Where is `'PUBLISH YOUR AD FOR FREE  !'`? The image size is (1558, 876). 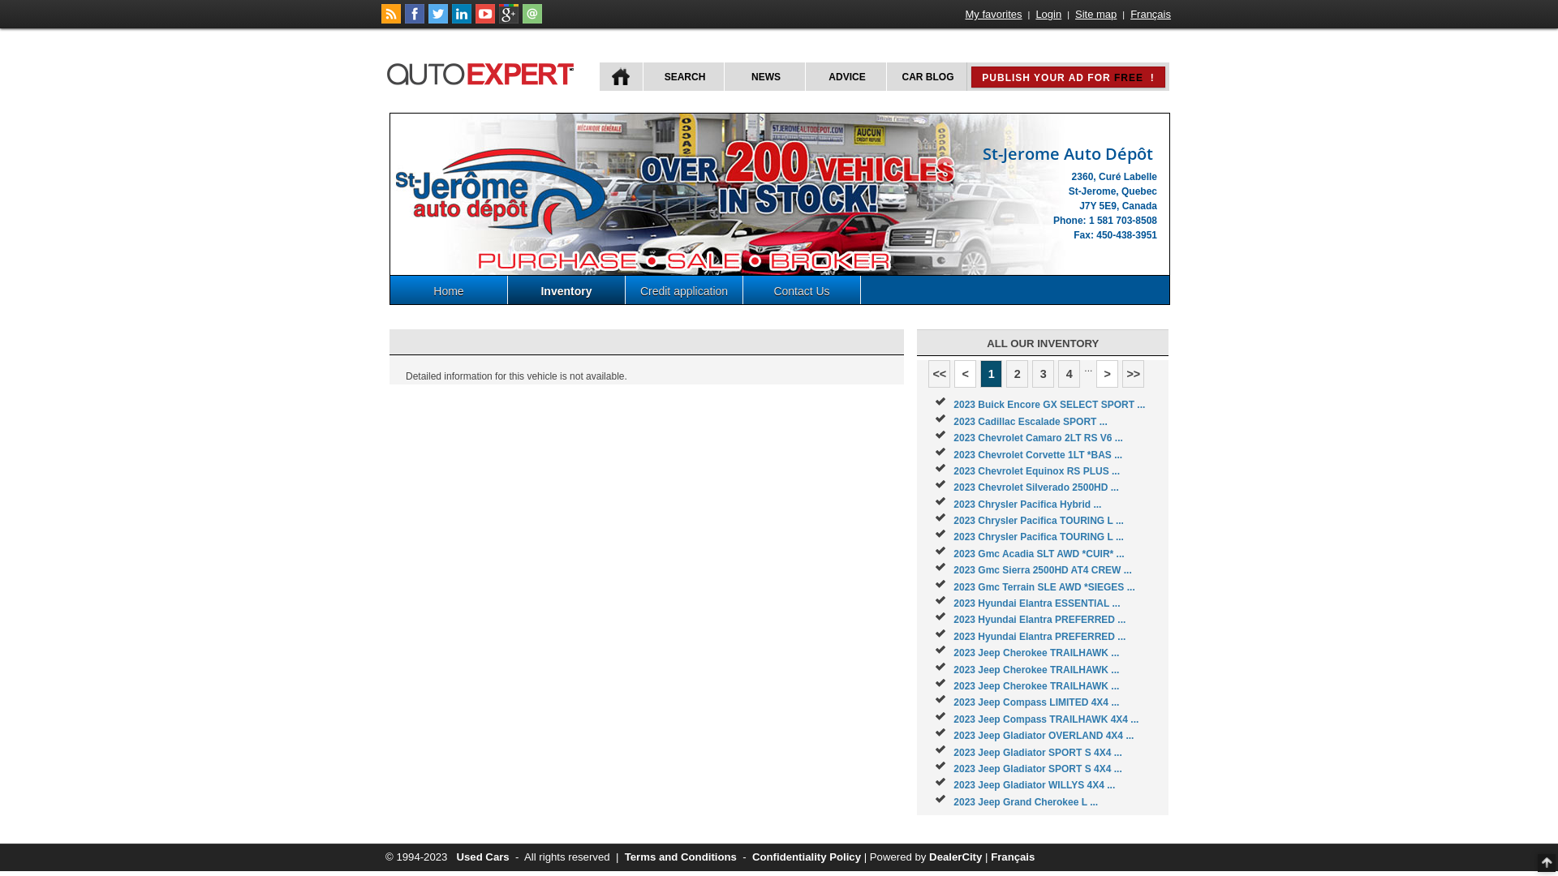 'PUBLISH YOUR AD FOR FREE  !' is located at coordinates (1067, 77).